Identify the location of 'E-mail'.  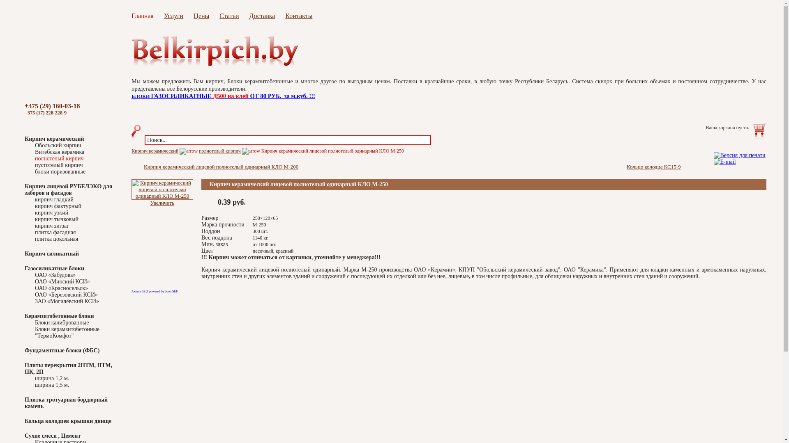
(724, 160).